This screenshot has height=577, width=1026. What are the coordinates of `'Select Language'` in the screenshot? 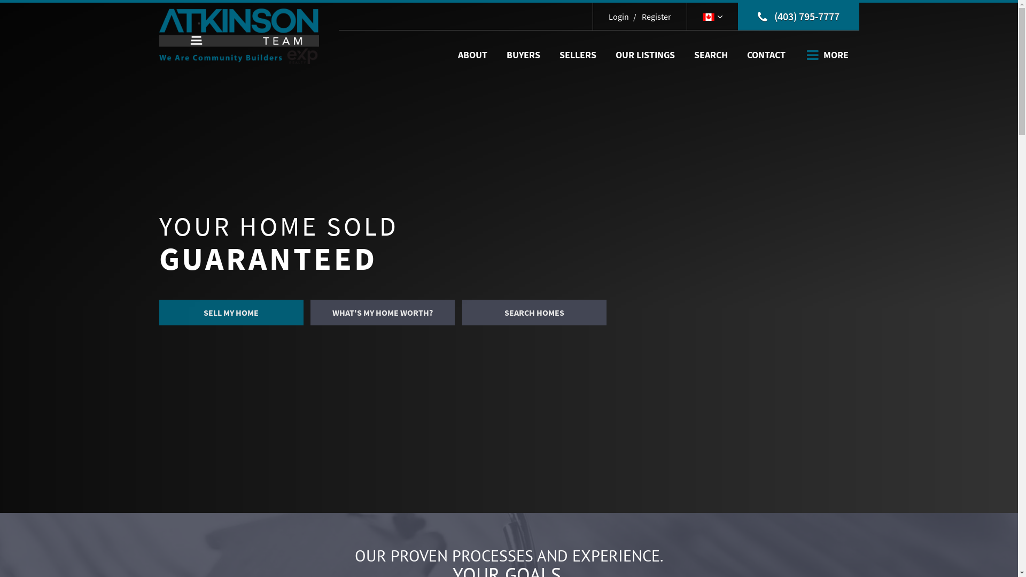 It's located at (712, 16).